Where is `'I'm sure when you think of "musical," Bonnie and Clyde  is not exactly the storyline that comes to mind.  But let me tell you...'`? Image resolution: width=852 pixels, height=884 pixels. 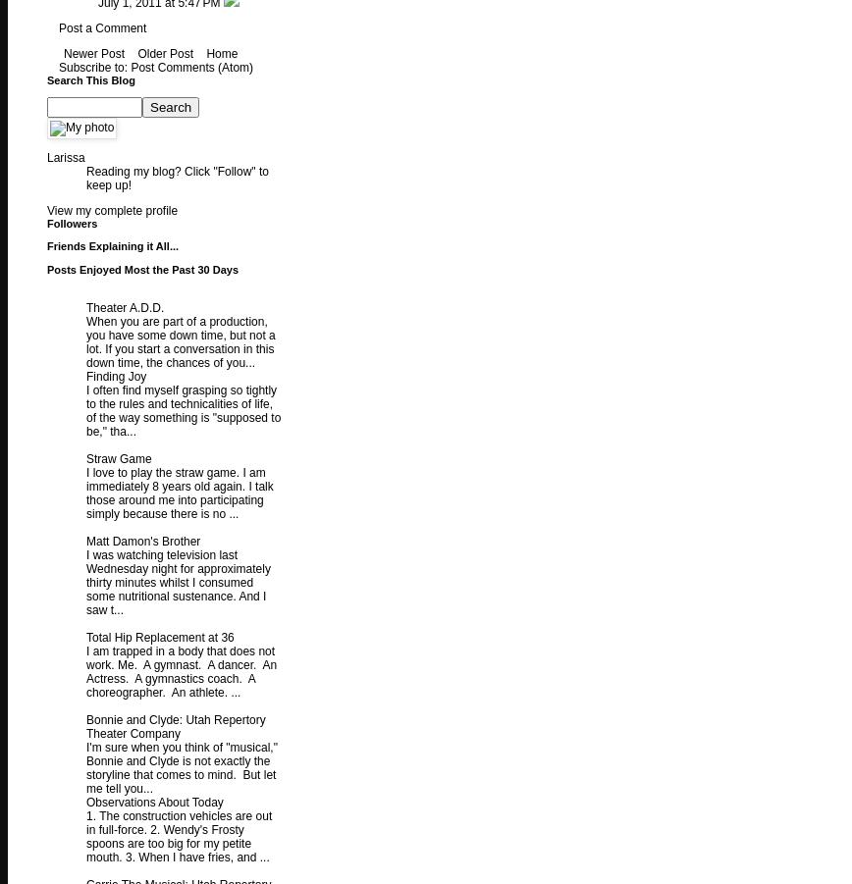 'I'm sure when you think of "musical," Bonnie and Clyde  is not exactly the storyline that comes to mind.  But let me tell you...' is located at coordinates (181, 766).